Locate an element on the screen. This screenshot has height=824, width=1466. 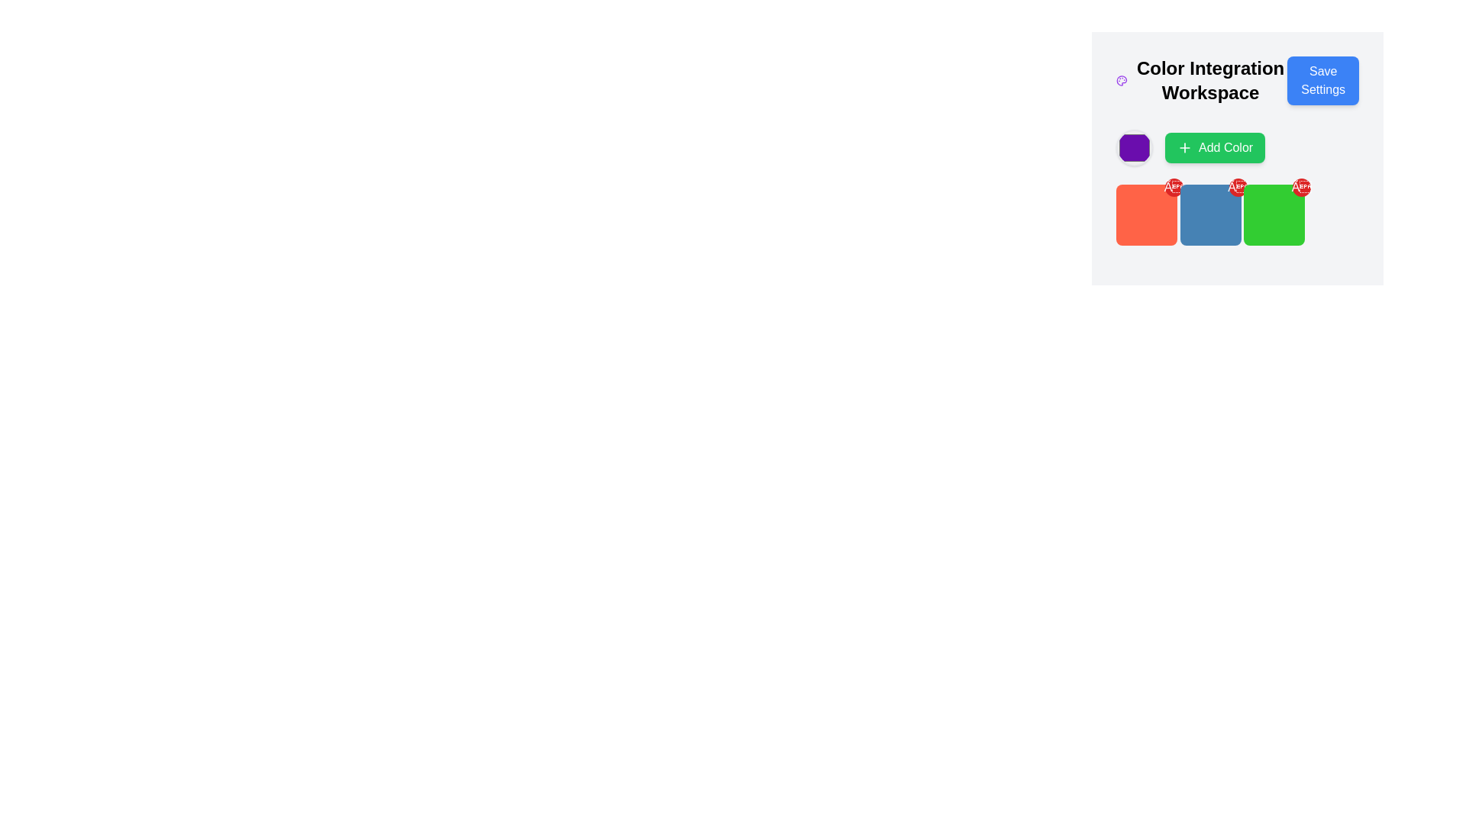
the '+' icon located within the 'Add Color' button, which visually indicates the action of adding something new is located at coordinates (1183, 147).